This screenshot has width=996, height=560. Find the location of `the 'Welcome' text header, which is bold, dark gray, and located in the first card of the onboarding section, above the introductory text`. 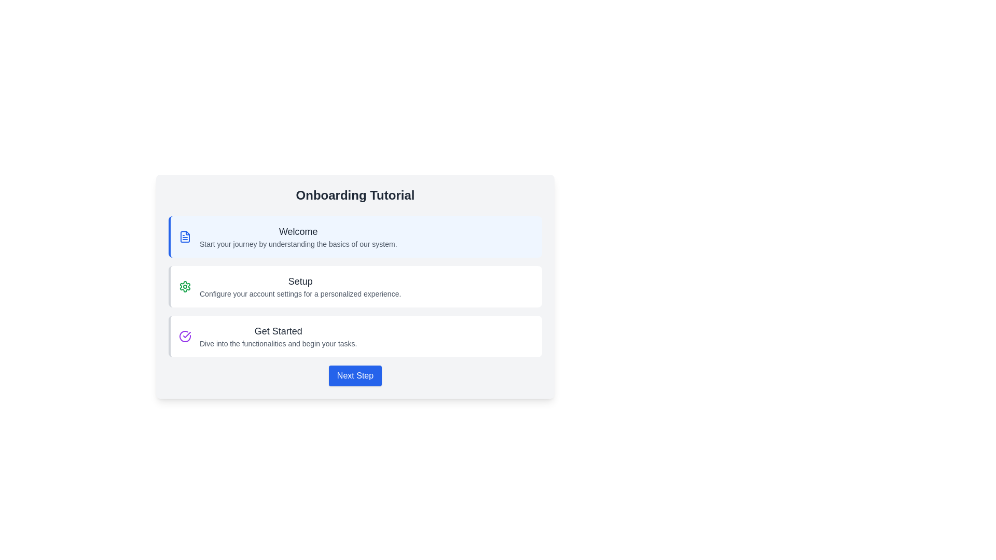

the 'Welcome' text header, which is bold, dark gray, and located in the first card of the onboarding section, above the introductory text is located at coordinates (298, 231).